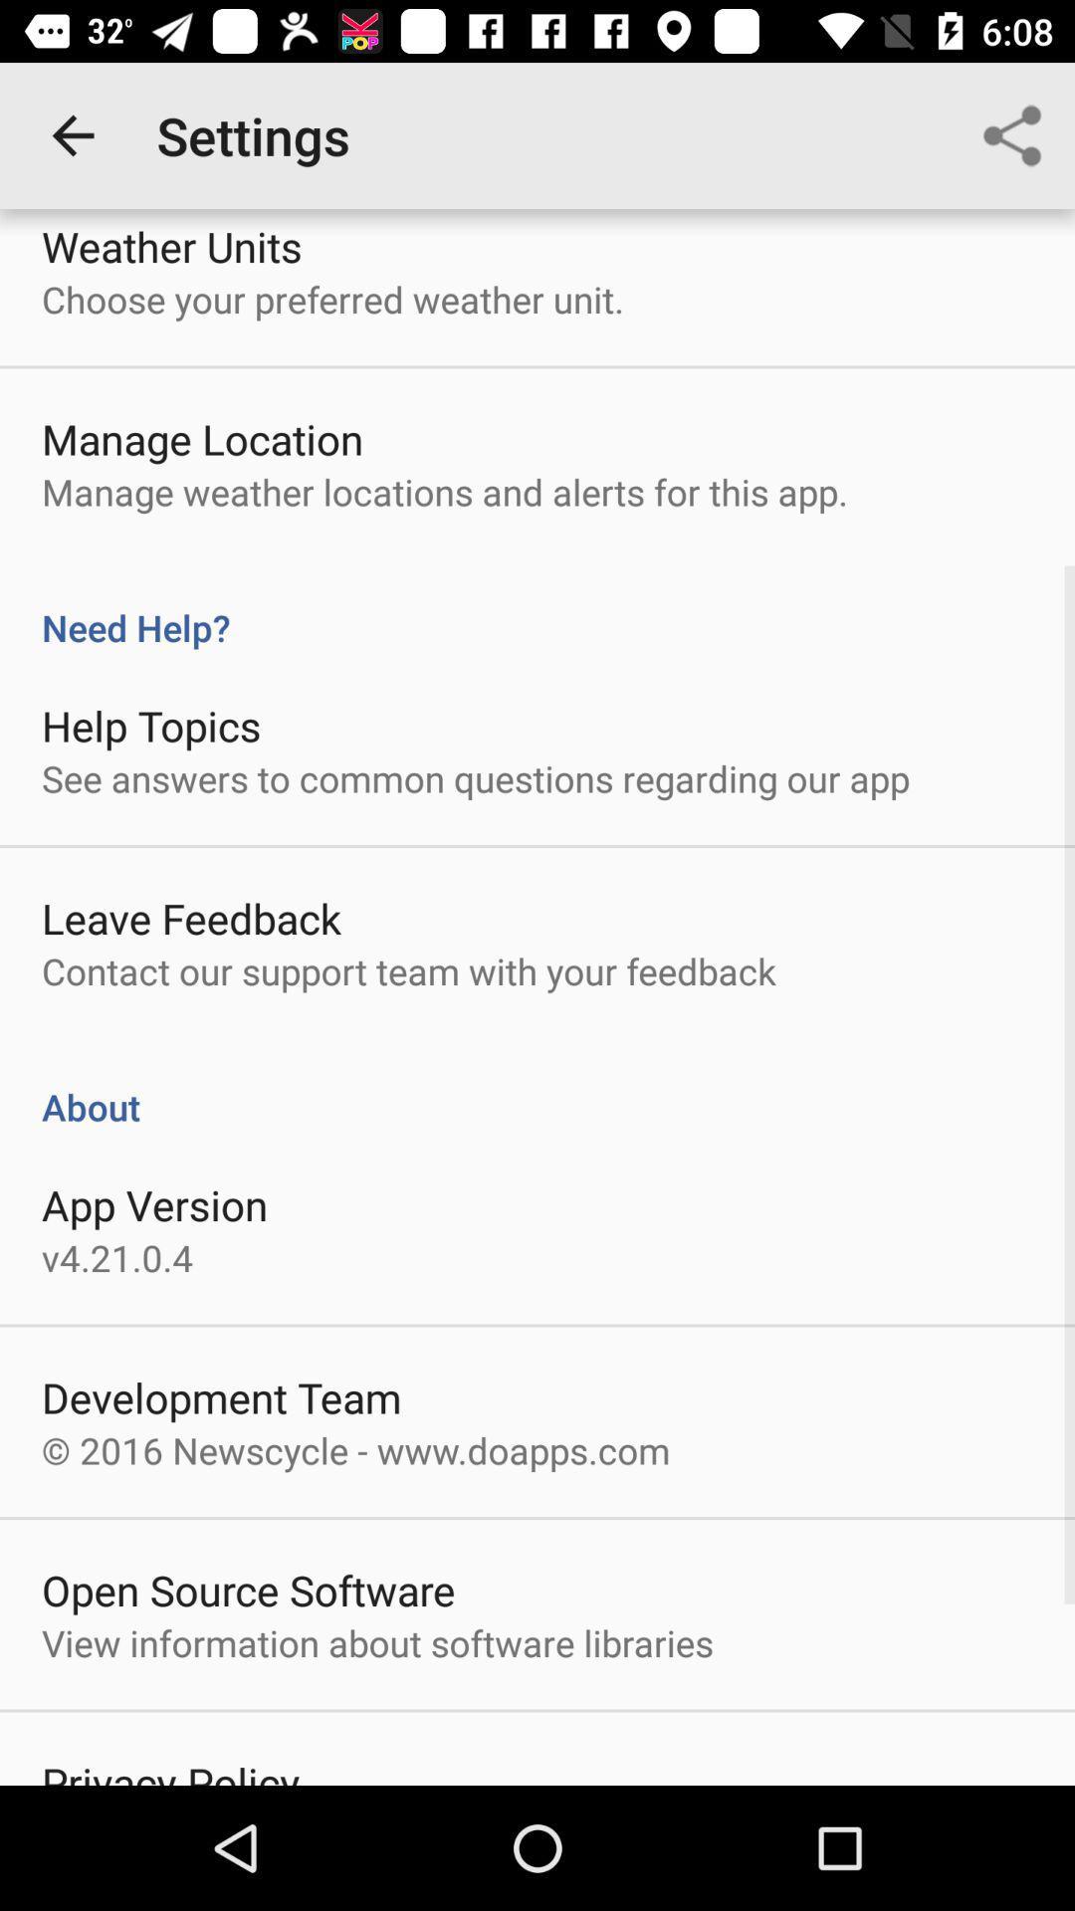 The image size is (1075, 1911). Describe the element at coordinates (1012, 134) in the screenshot. I see `item above need help? icon` at that location.